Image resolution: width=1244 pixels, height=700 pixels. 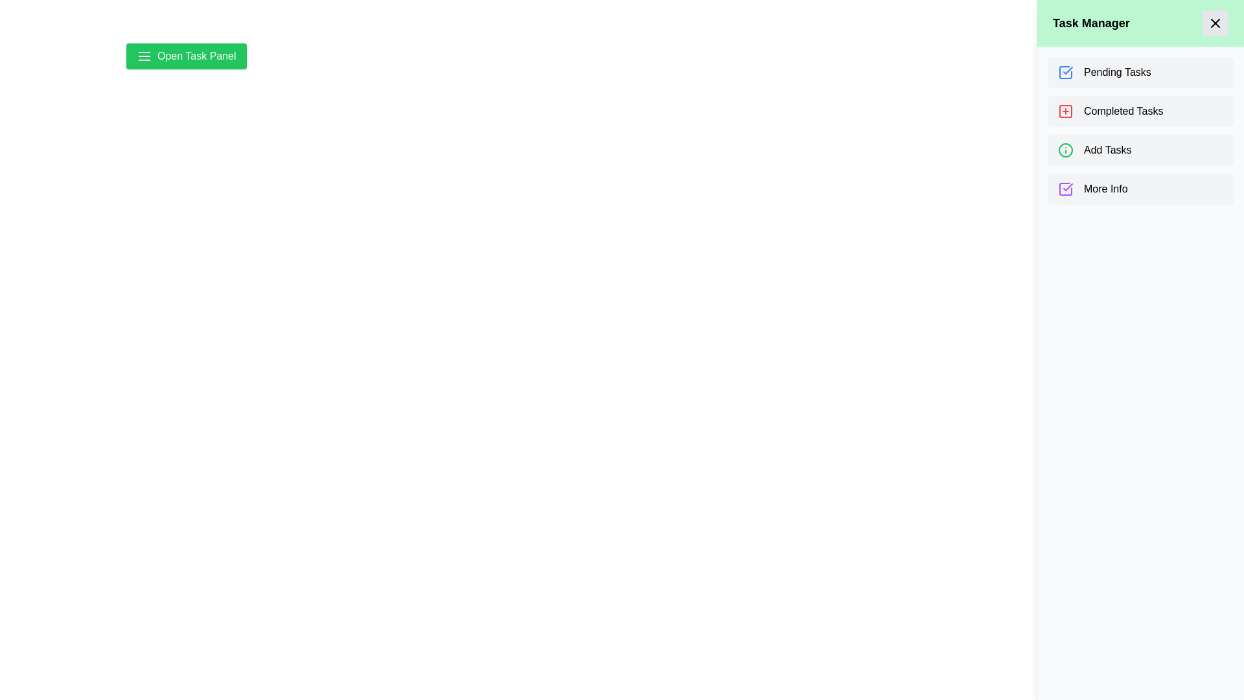 What do you see at coordinates (185, 56) in the screenshot?
I see `toggle button to close the task drawer` at bounding box center [185, 56].